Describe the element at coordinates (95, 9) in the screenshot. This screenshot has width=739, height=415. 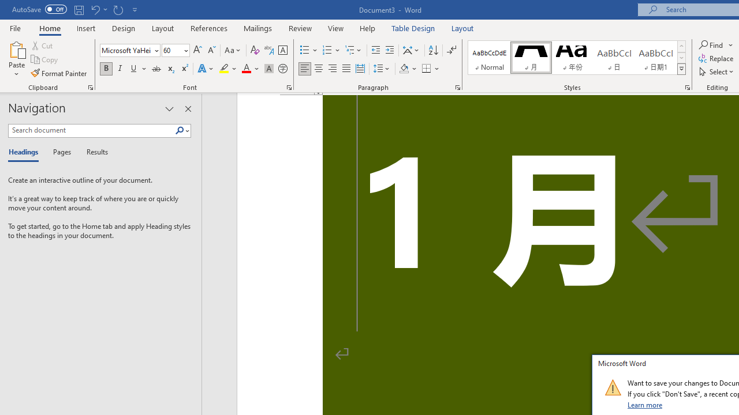
I see `'Undo Increase Indent'` at that location.